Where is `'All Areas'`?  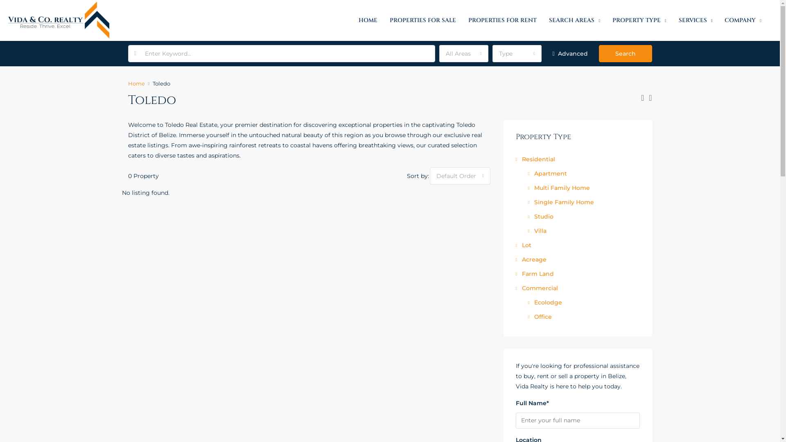 'All Areas' is located at coordinates (463, 54).